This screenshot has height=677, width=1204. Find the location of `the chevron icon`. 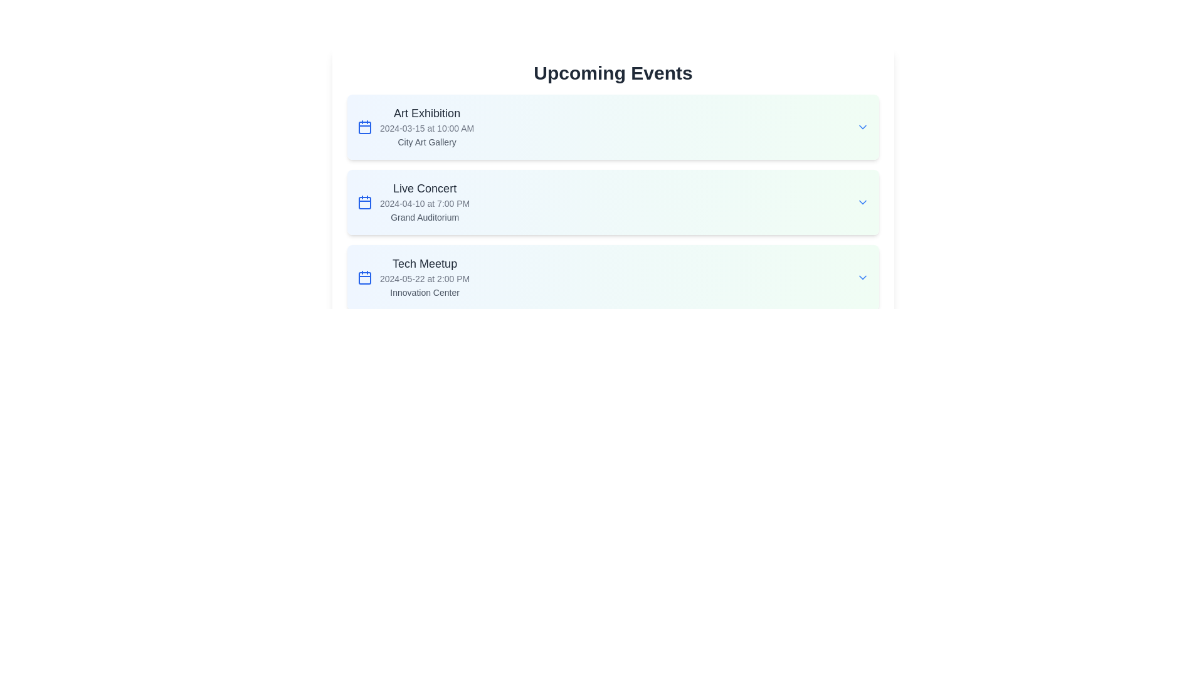

the chevron icon is located at coordinates (862, 202).